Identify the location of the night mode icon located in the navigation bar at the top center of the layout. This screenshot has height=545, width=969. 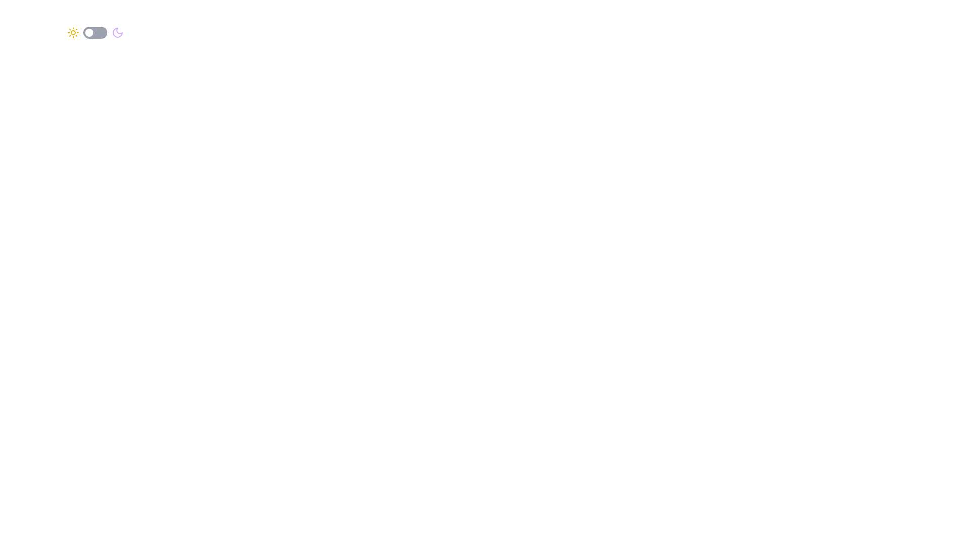
(118, 32).